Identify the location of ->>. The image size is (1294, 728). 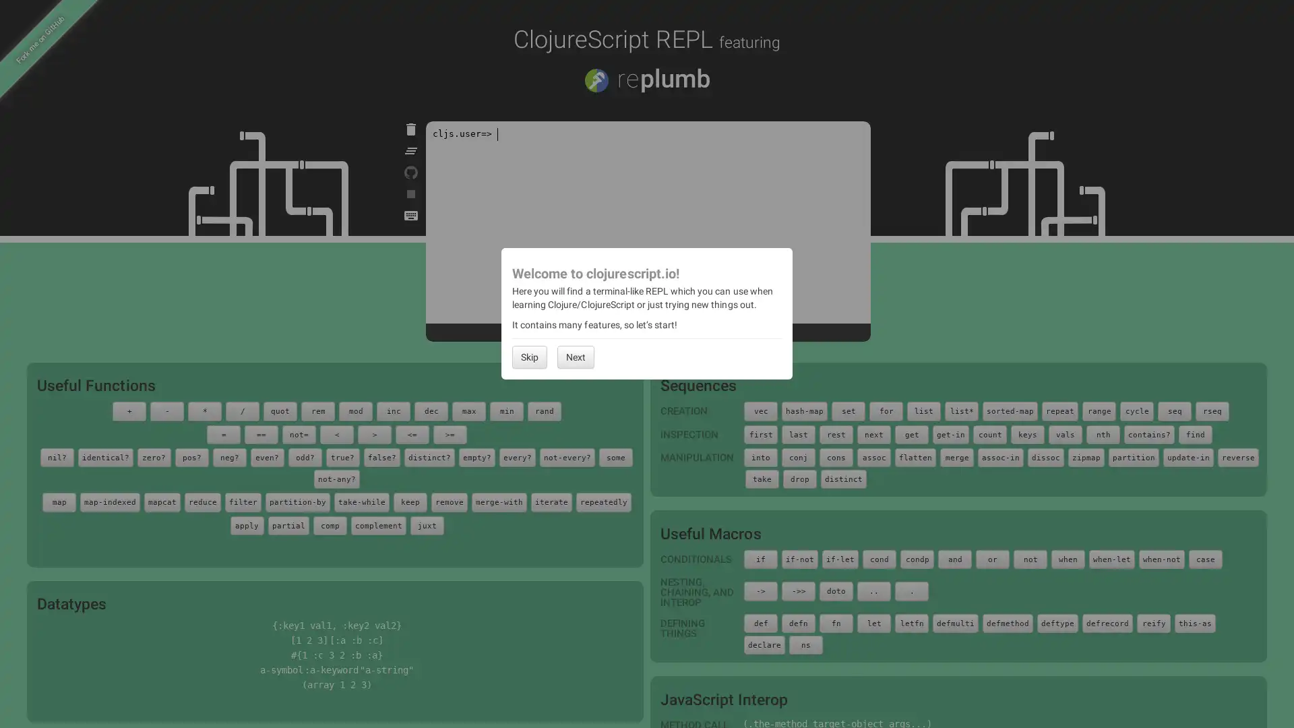
(799, 590).